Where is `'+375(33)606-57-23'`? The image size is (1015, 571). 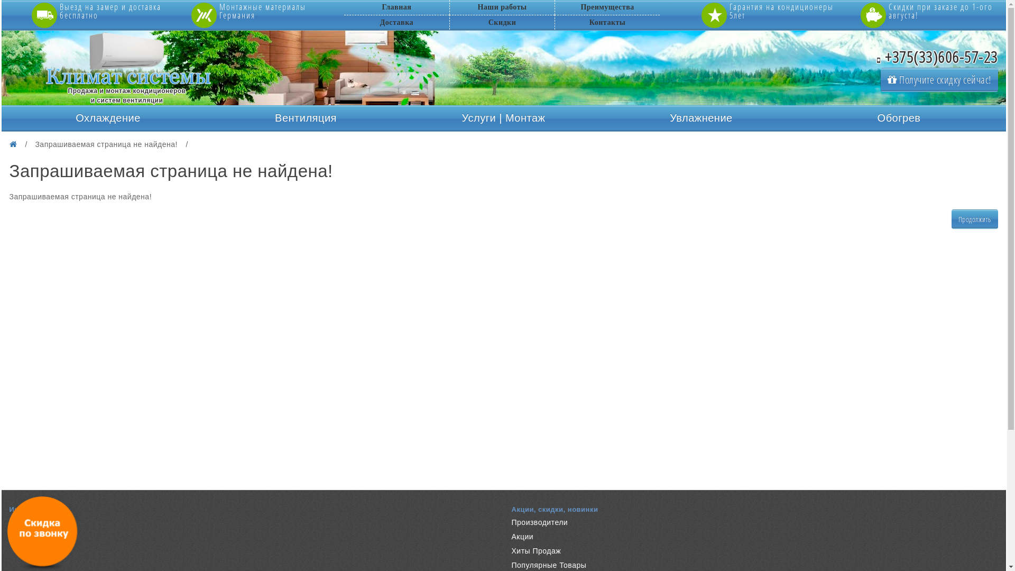
'+375(33)606-57-23' is located at coordinates (937, 57).